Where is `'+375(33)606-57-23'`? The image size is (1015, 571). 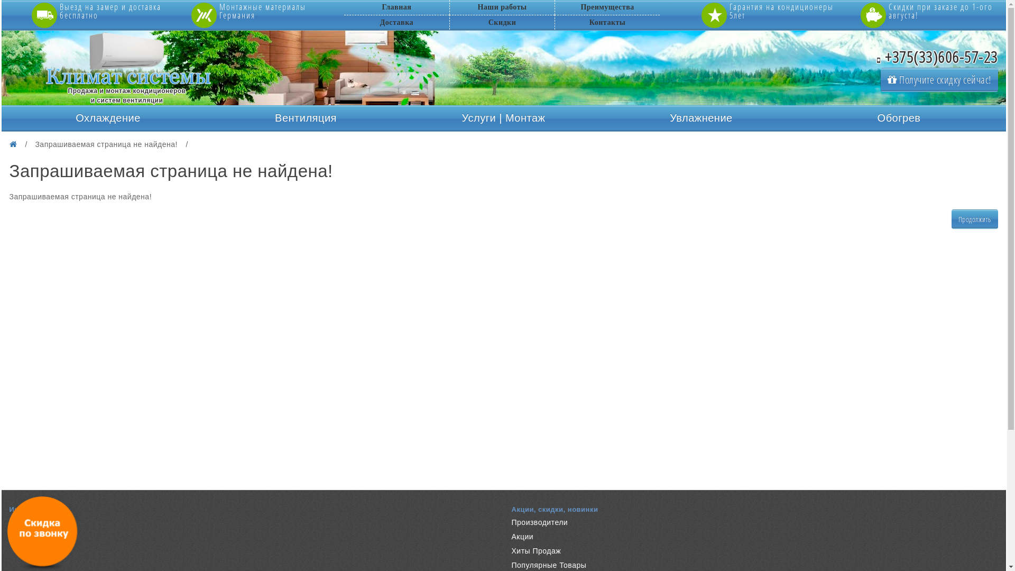
'+375(33)606-57-23' is located at coordinates (937, 57).